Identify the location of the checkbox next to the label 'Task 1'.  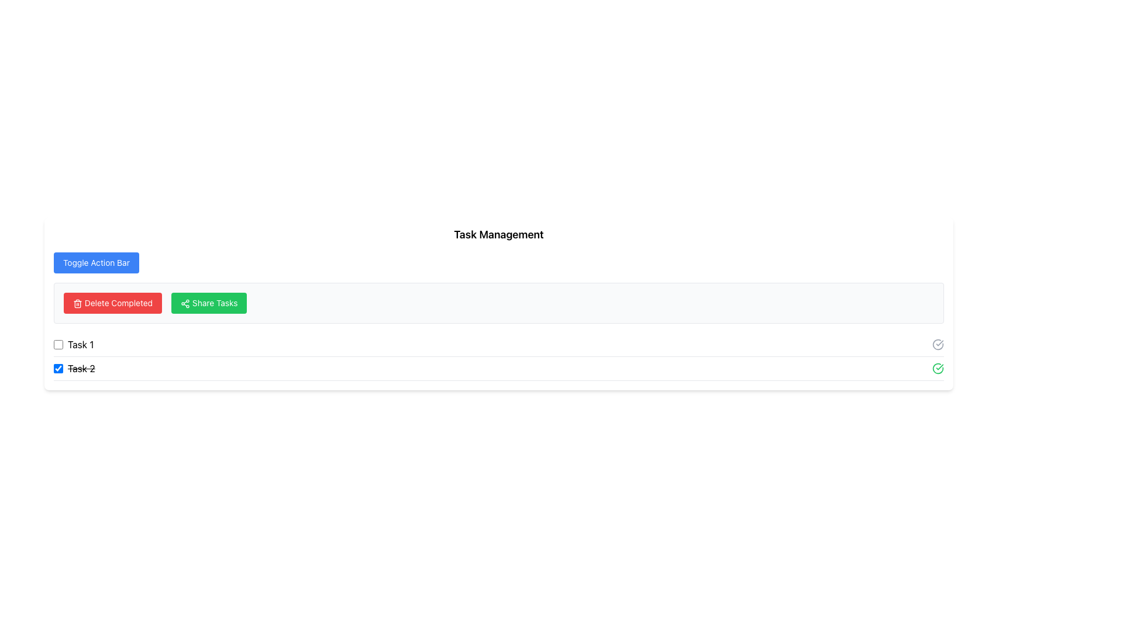
(73, 344).